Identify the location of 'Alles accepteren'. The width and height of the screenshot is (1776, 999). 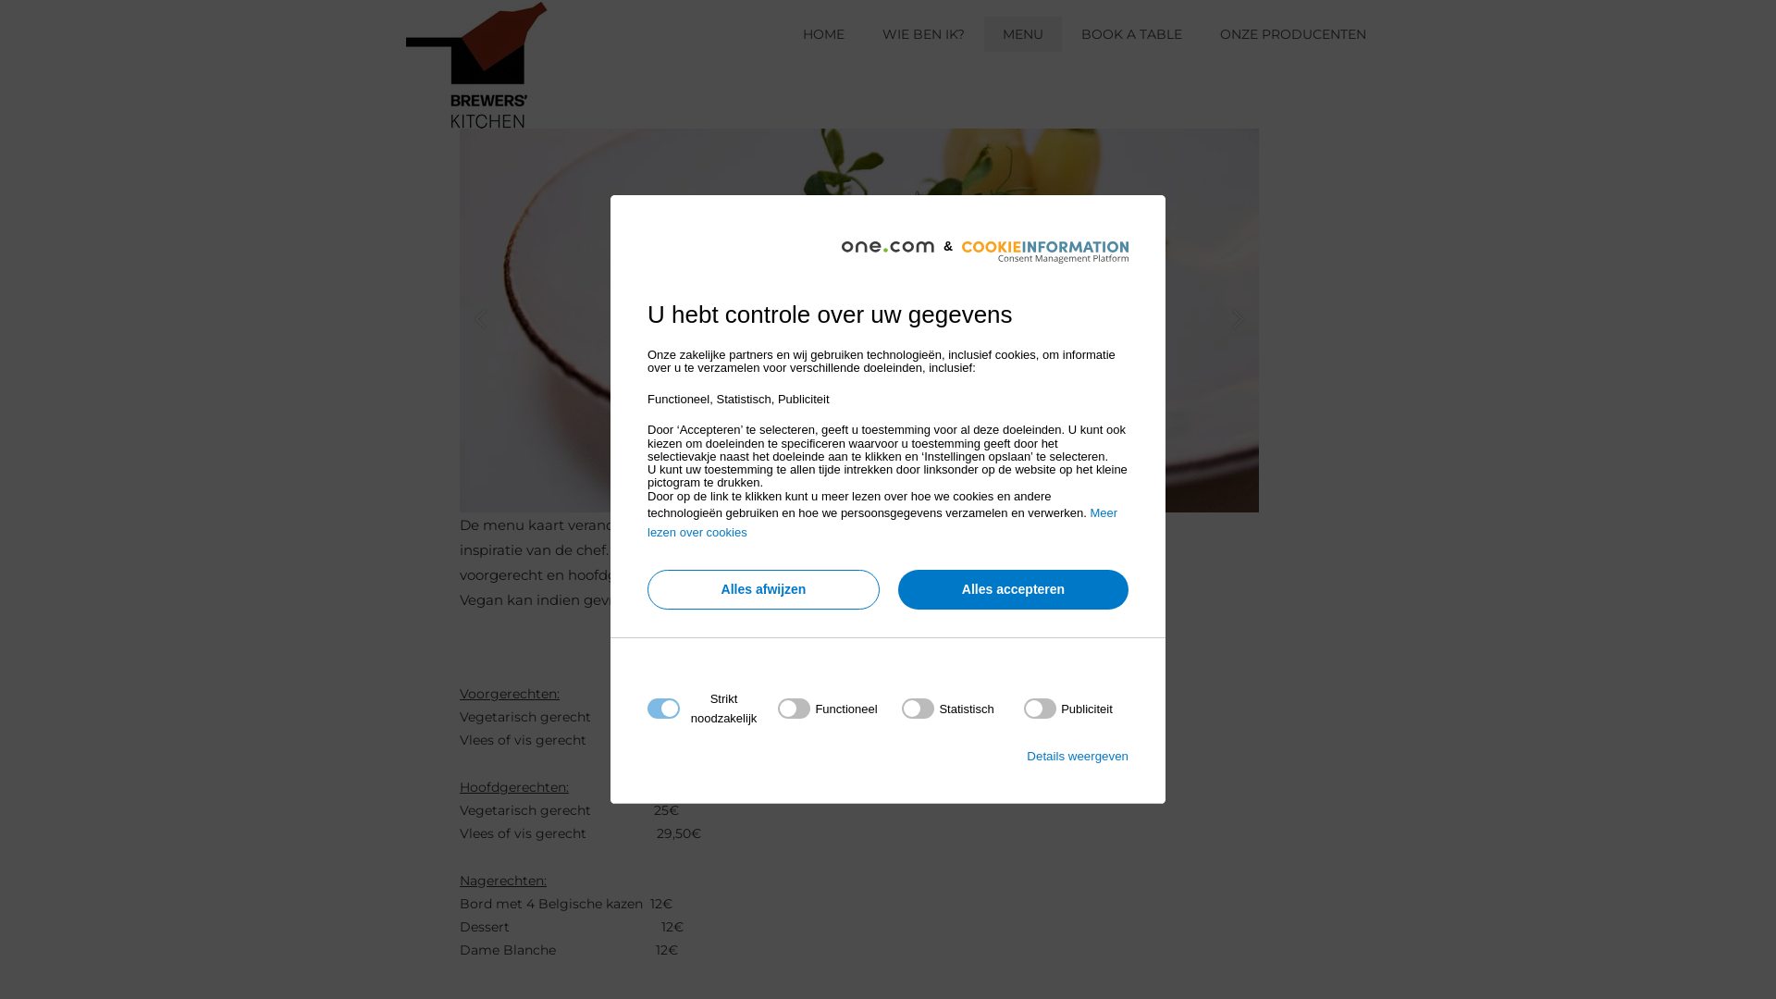
(1012, 589).